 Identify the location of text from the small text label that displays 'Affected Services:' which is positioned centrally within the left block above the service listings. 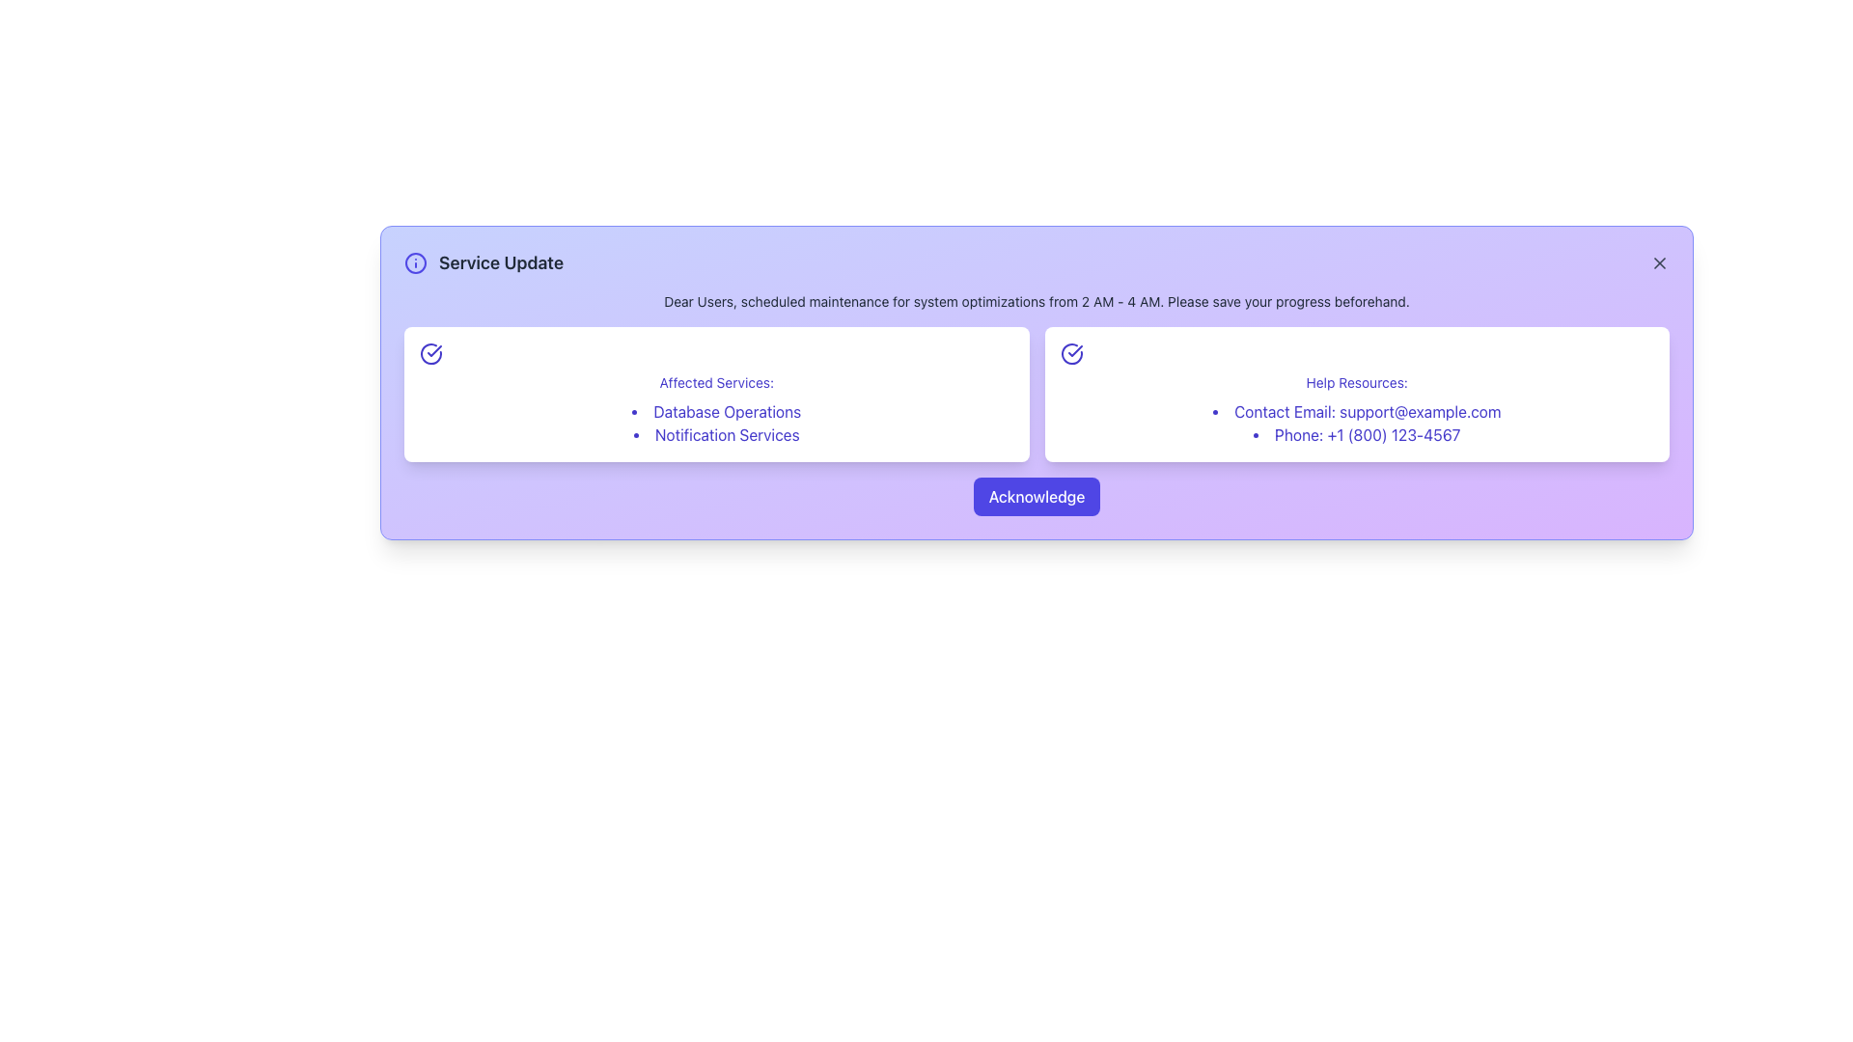
(715, 383).